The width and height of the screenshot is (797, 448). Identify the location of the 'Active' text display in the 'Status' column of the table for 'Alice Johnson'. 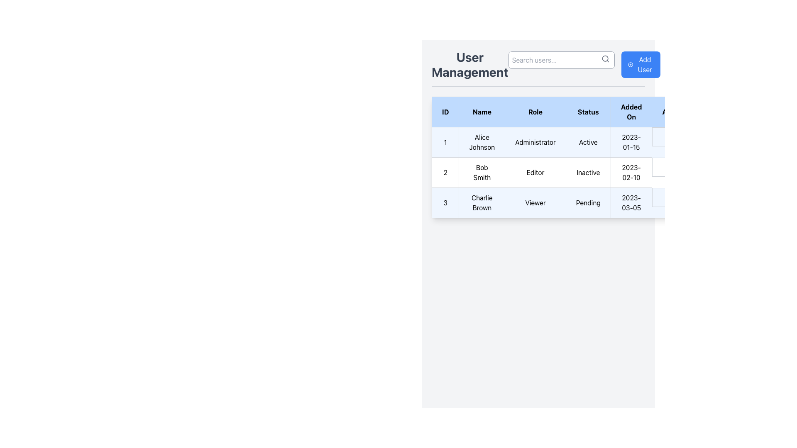
(588, 142).